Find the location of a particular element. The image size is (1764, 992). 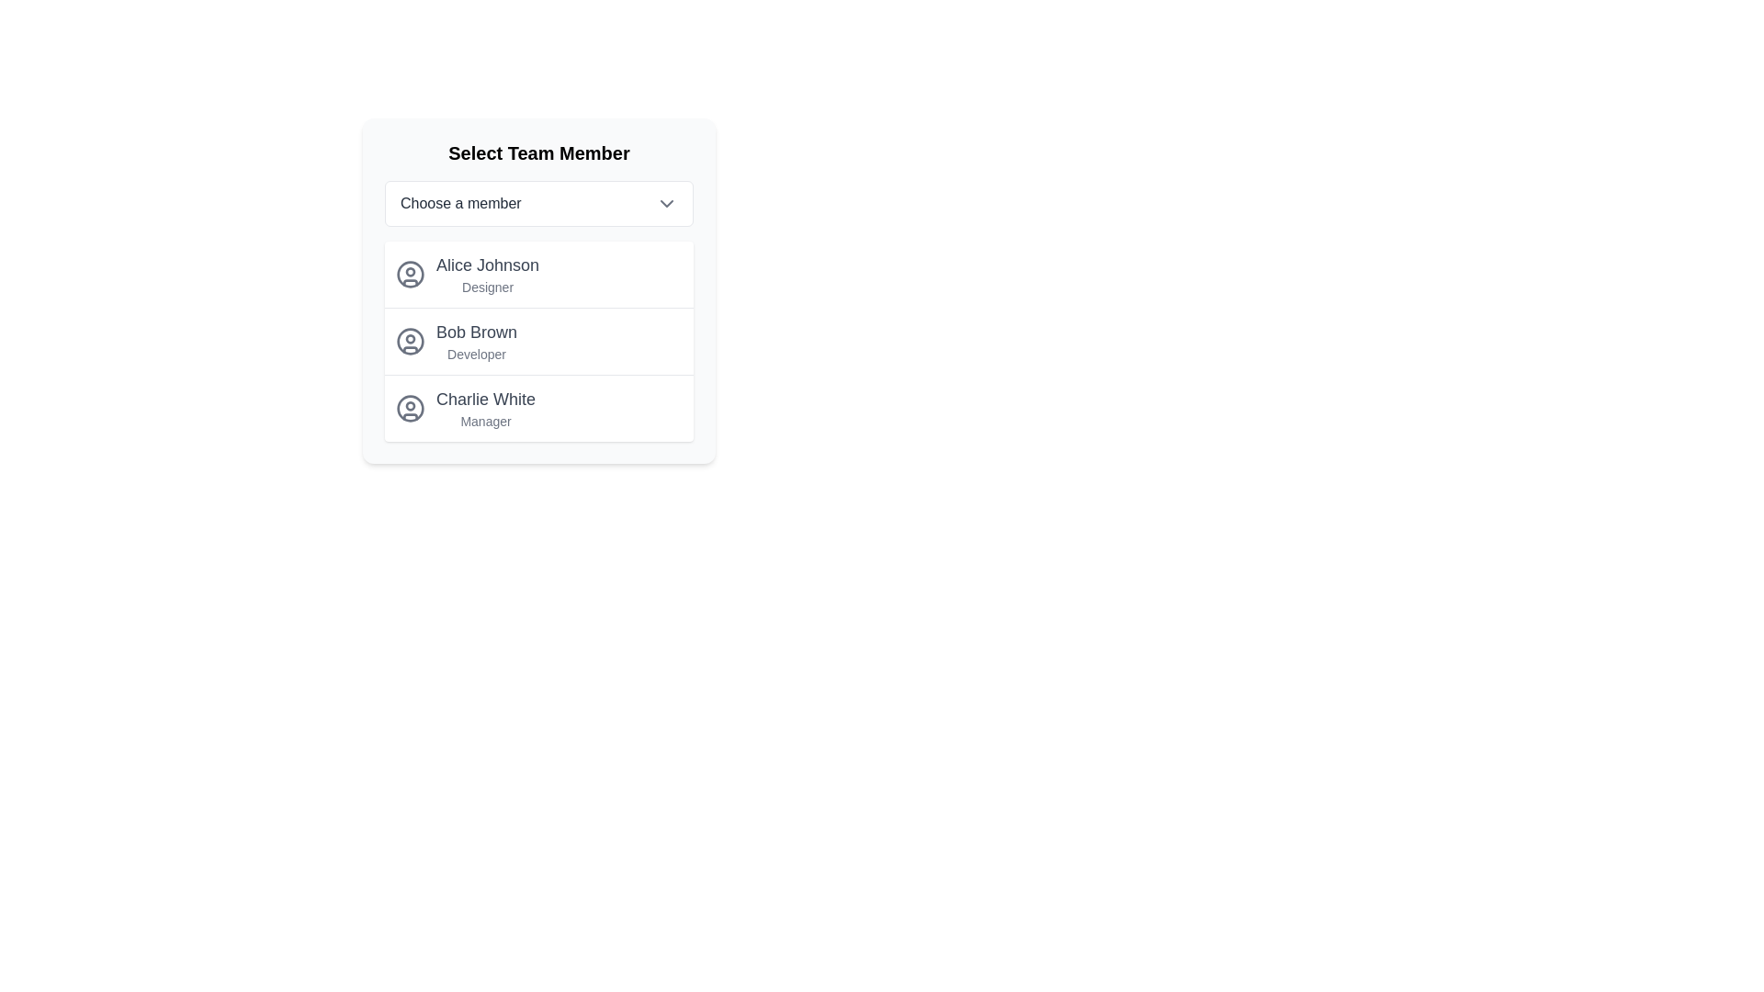

the outermost circular vector shape, which has a thick border, located to the left of the text 'Charlie White' is located at coordinates (409, 407).